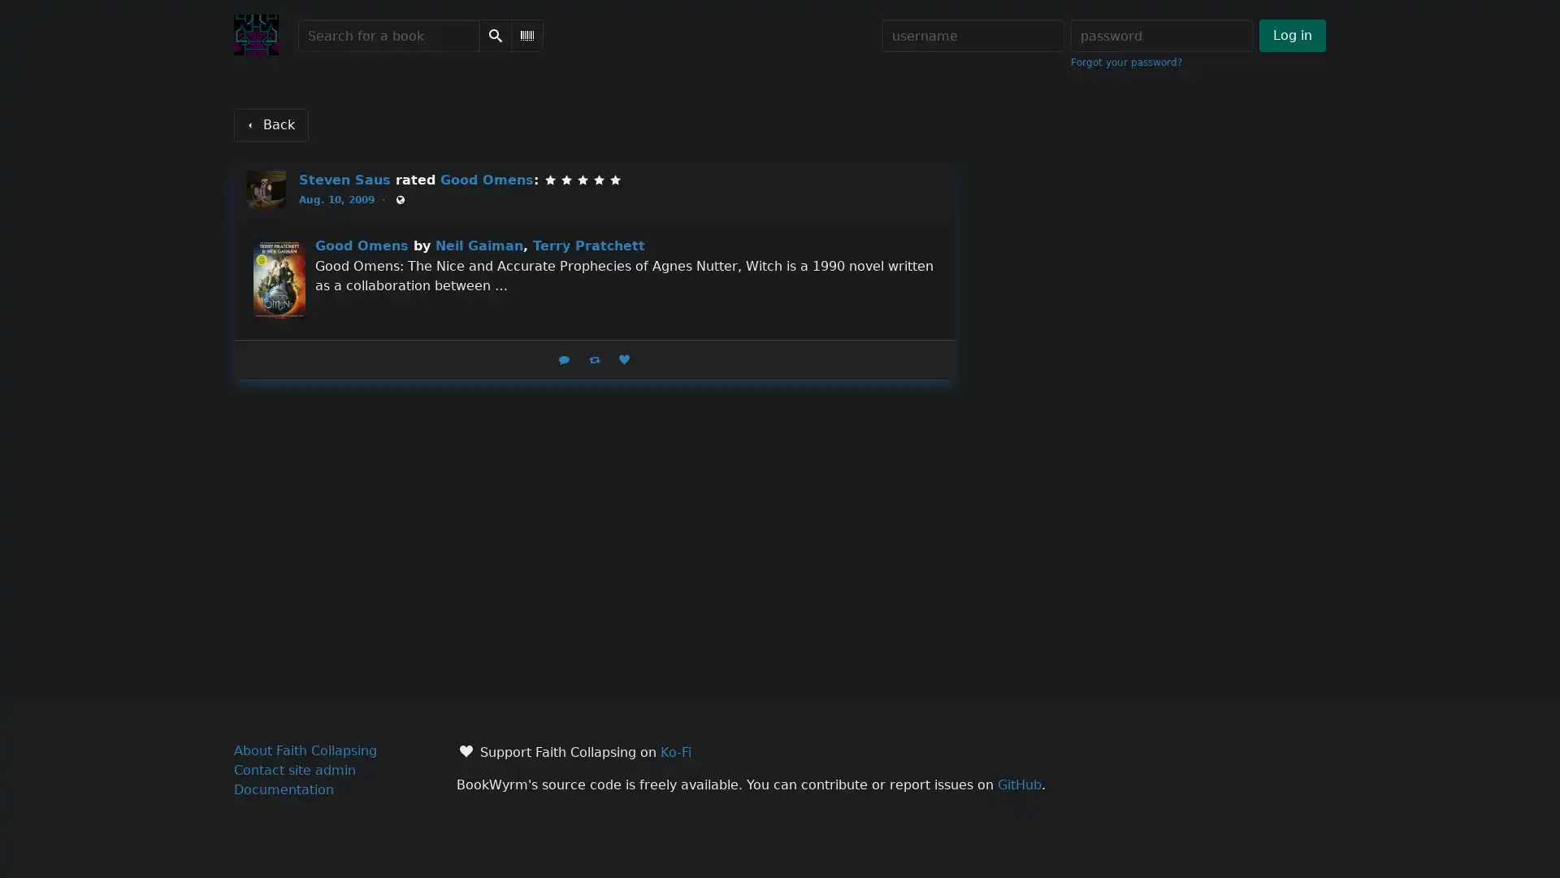 This screenshot has height=878, width=1560. I want to click on Scan Barcode, so click(526, 35).